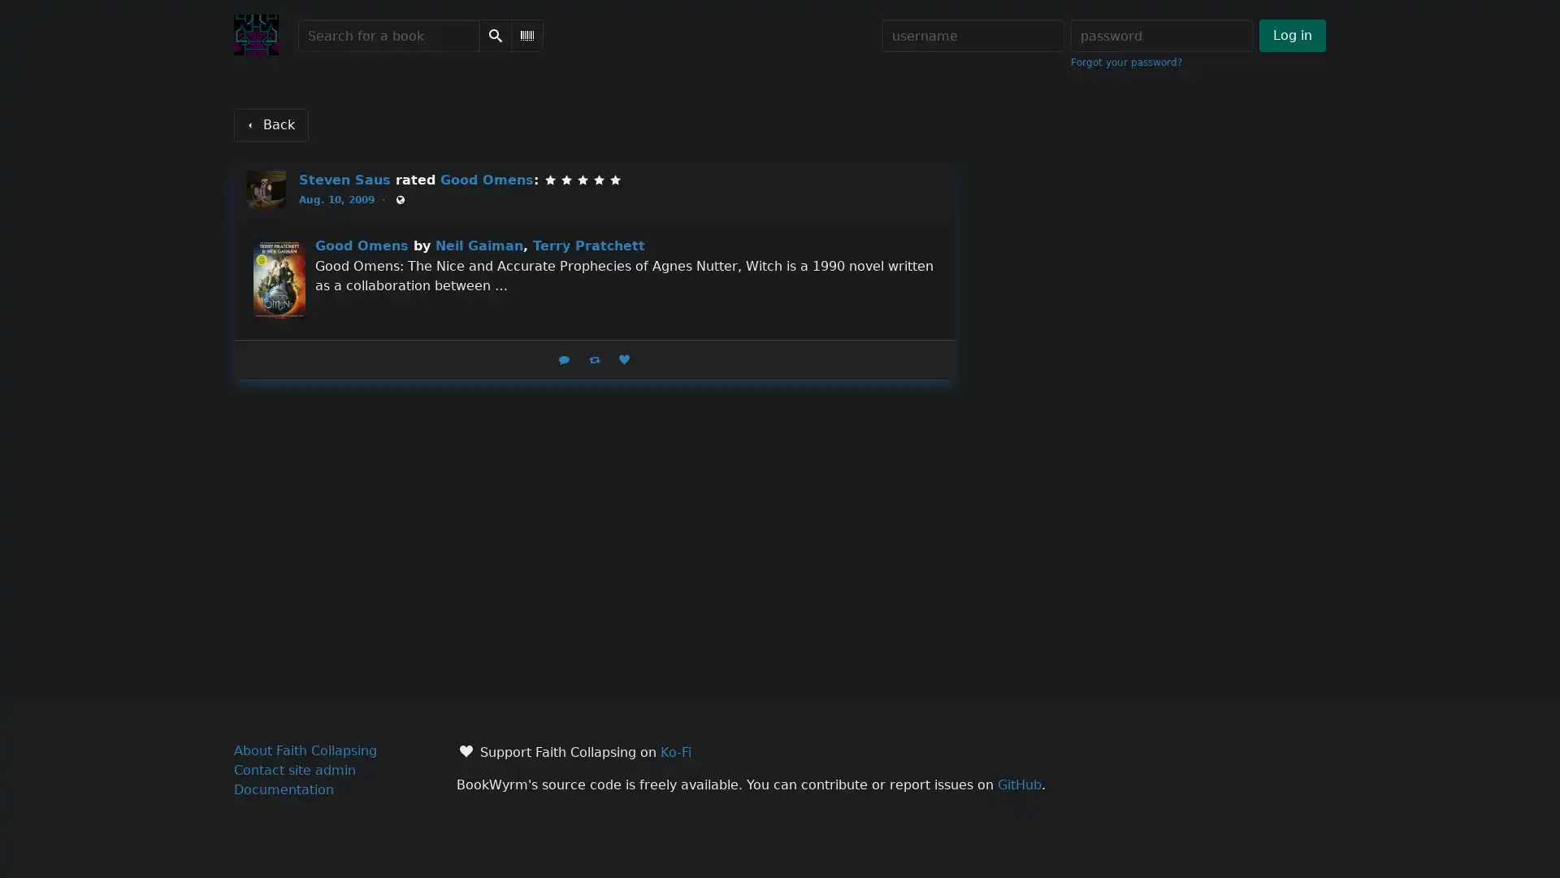 This screenshot has height=878, width=1560. I want to click on Scan Barcode, so click(526, 35).